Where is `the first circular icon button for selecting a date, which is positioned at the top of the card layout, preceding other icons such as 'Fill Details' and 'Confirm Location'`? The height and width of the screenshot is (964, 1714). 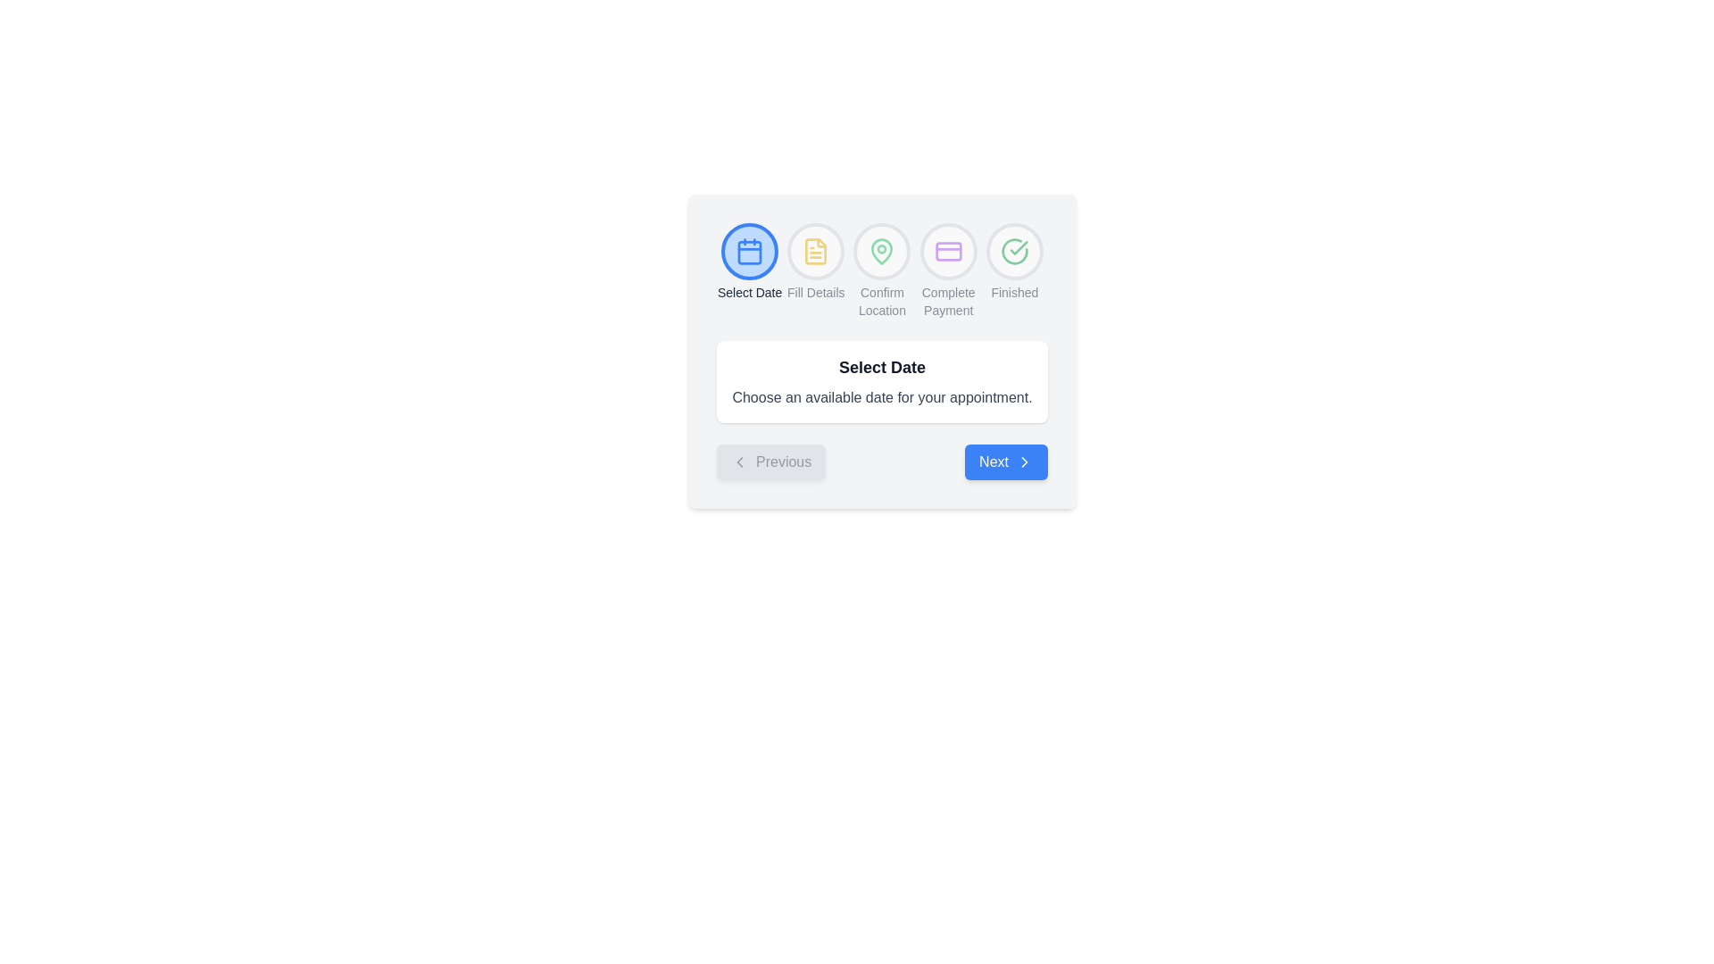 the first circular icon button for selecting a date, which is positioned at the top of the card layout, preceding other icons such as 'Fill Details' and 'Confirm Location' is located at coordinates (750, 251).